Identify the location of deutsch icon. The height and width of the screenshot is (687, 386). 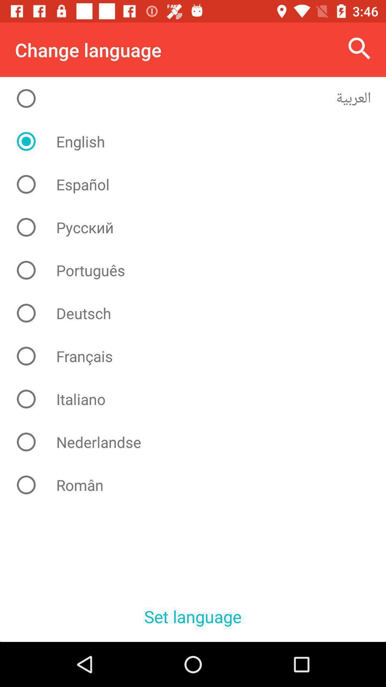
(198, 313).